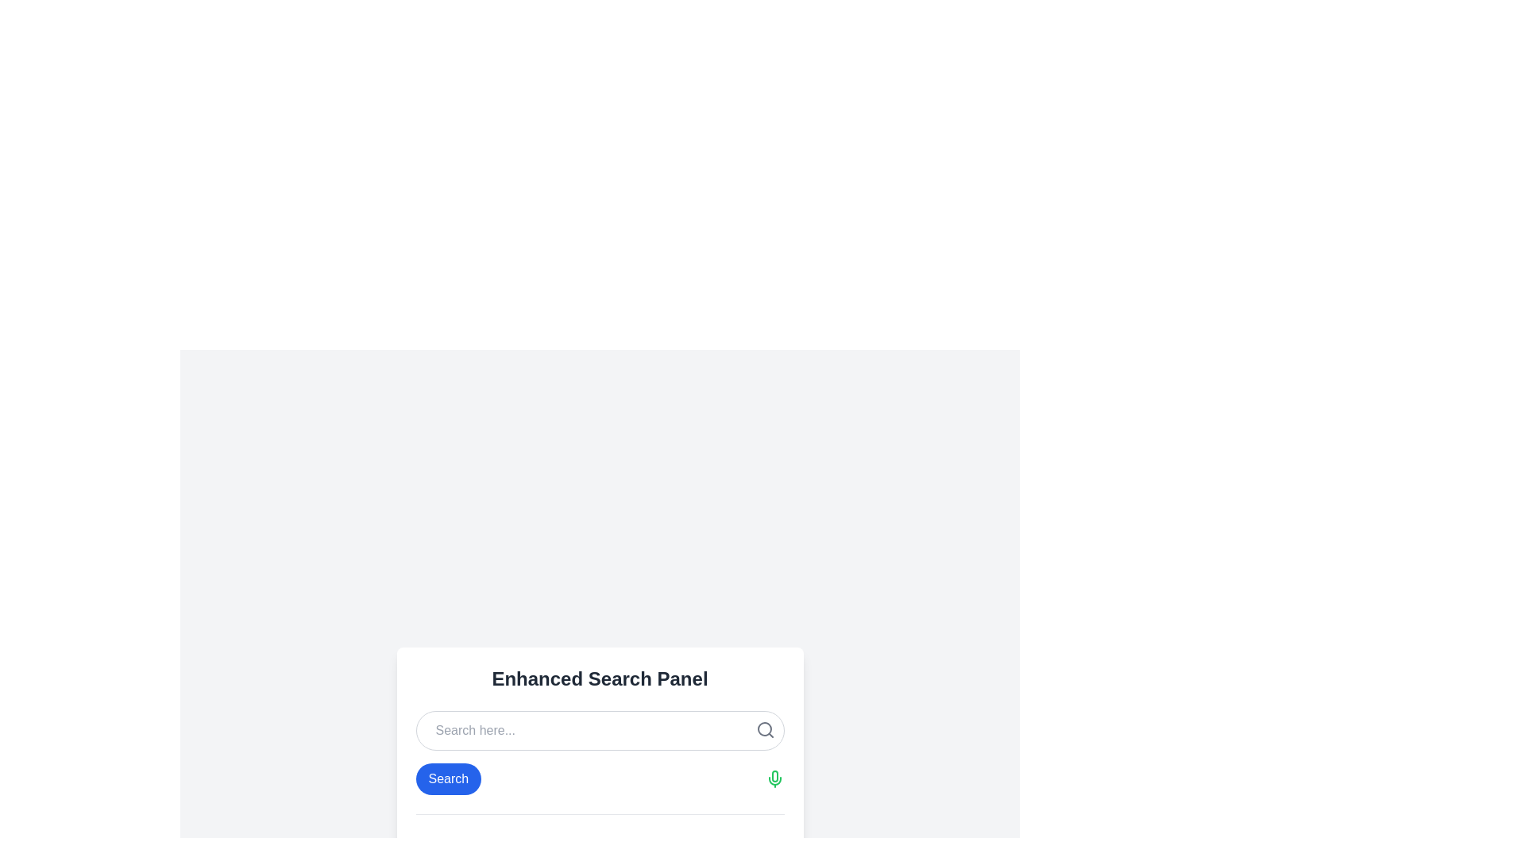 Image resolution: width=1525 pixels, height=857 pixels. What do you see at coordinates (774, 775) in the screenshot?
I see `the green microphone icon located at the bottom-right section of the search panel, which serves as an audio-related functionality symbol` at bounding box center [774, 775].